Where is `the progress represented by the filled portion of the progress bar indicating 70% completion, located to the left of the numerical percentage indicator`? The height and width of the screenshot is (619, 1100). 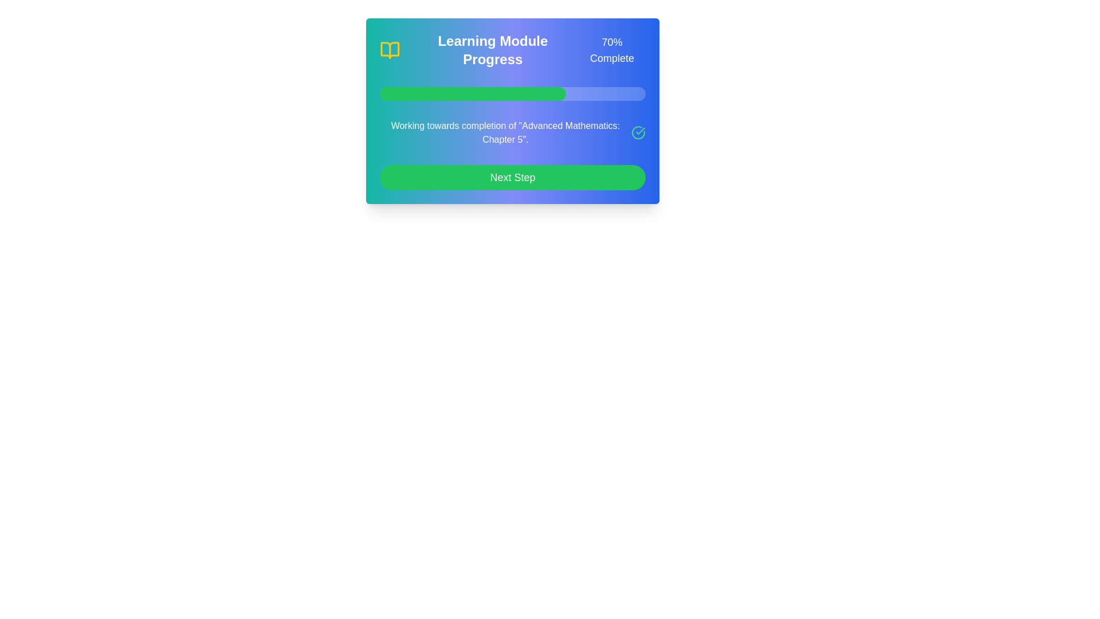
the progress represented by the filled portion of the progress bar indicating 70% completion, located to the left of the numerical percentage indicator is located at coordinates (473, 93).